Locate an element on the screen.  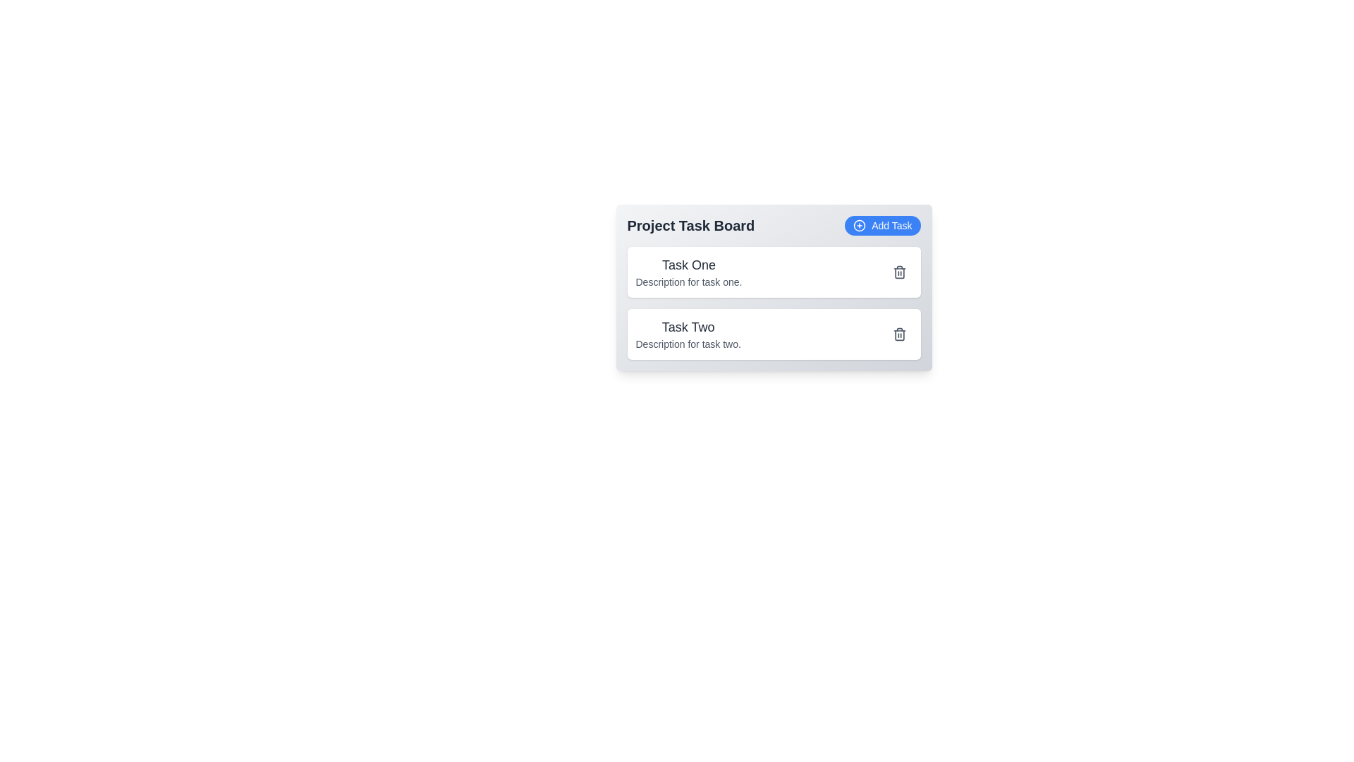
the descriptive subtitle text label for 'Task Two' is located at coordinates (688, 344).